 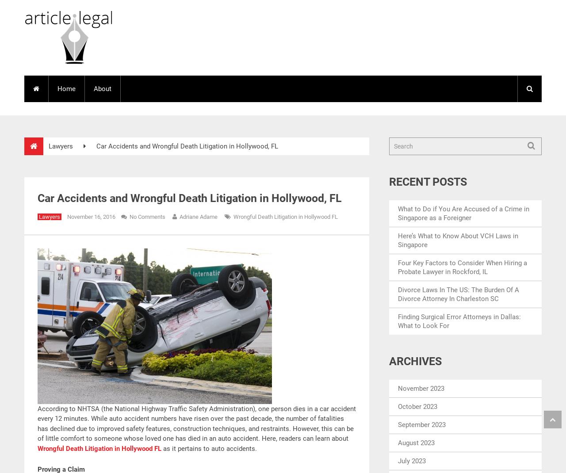 I want to click on 'According to NHTSA (the National Highway Traffic Safety Administration), one person dies in a car accident every 12 minutes. While auto accident numbers have risen over the past decade, the number of fatalities has declined due to improved safety features, construction techniques, and restraints. However, this can be of little comfort to someone whose loved one has died in an auto accident. Here, readers can learn about', so click(x=196, y=423).